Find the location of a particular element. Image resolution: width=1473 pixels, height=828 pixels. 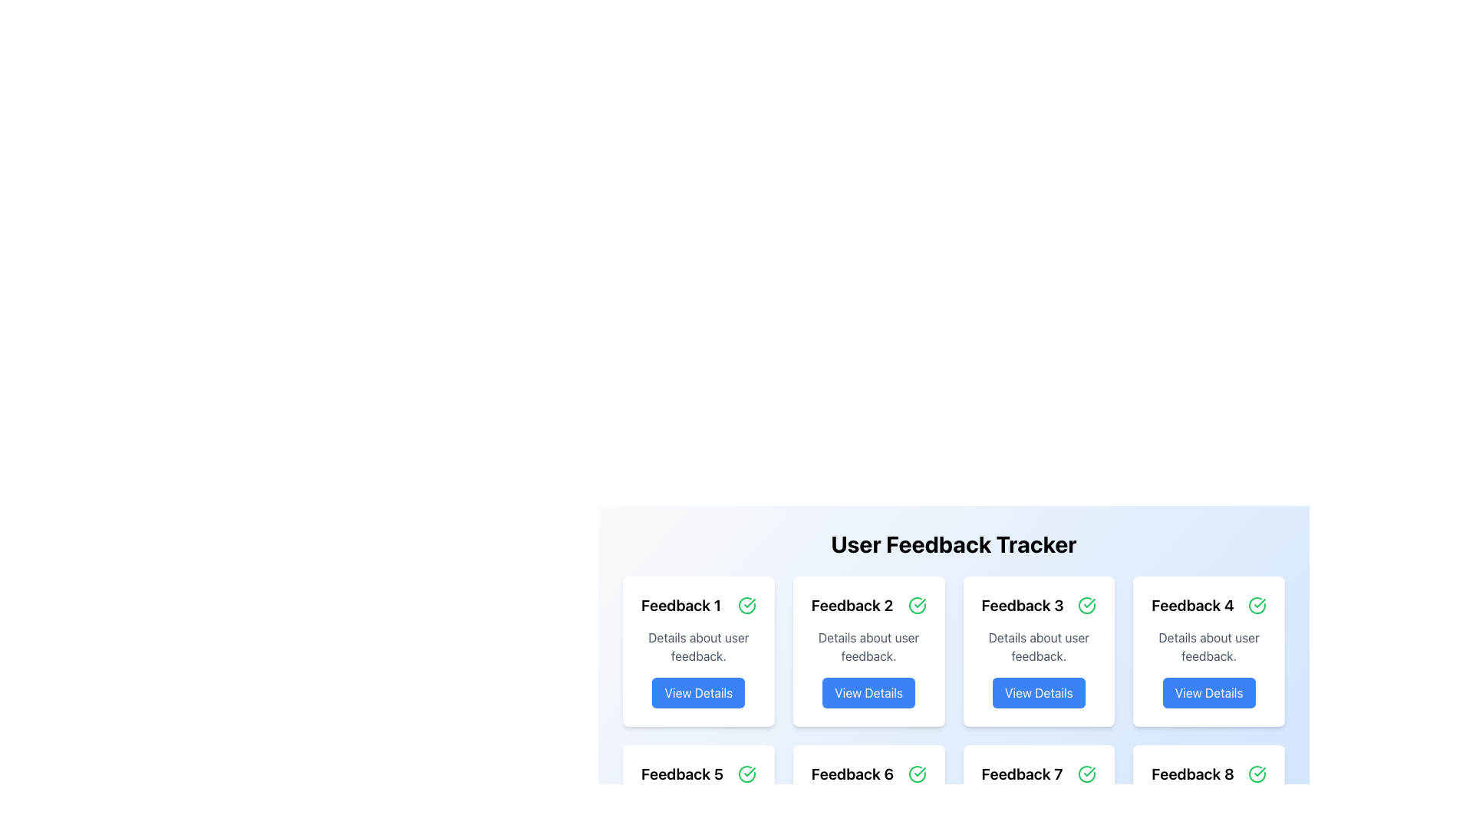

the checkmark icon in the top-right corner of the 'Feedback 4' card, confirming an action or status is located at coordinates (1260, 602).